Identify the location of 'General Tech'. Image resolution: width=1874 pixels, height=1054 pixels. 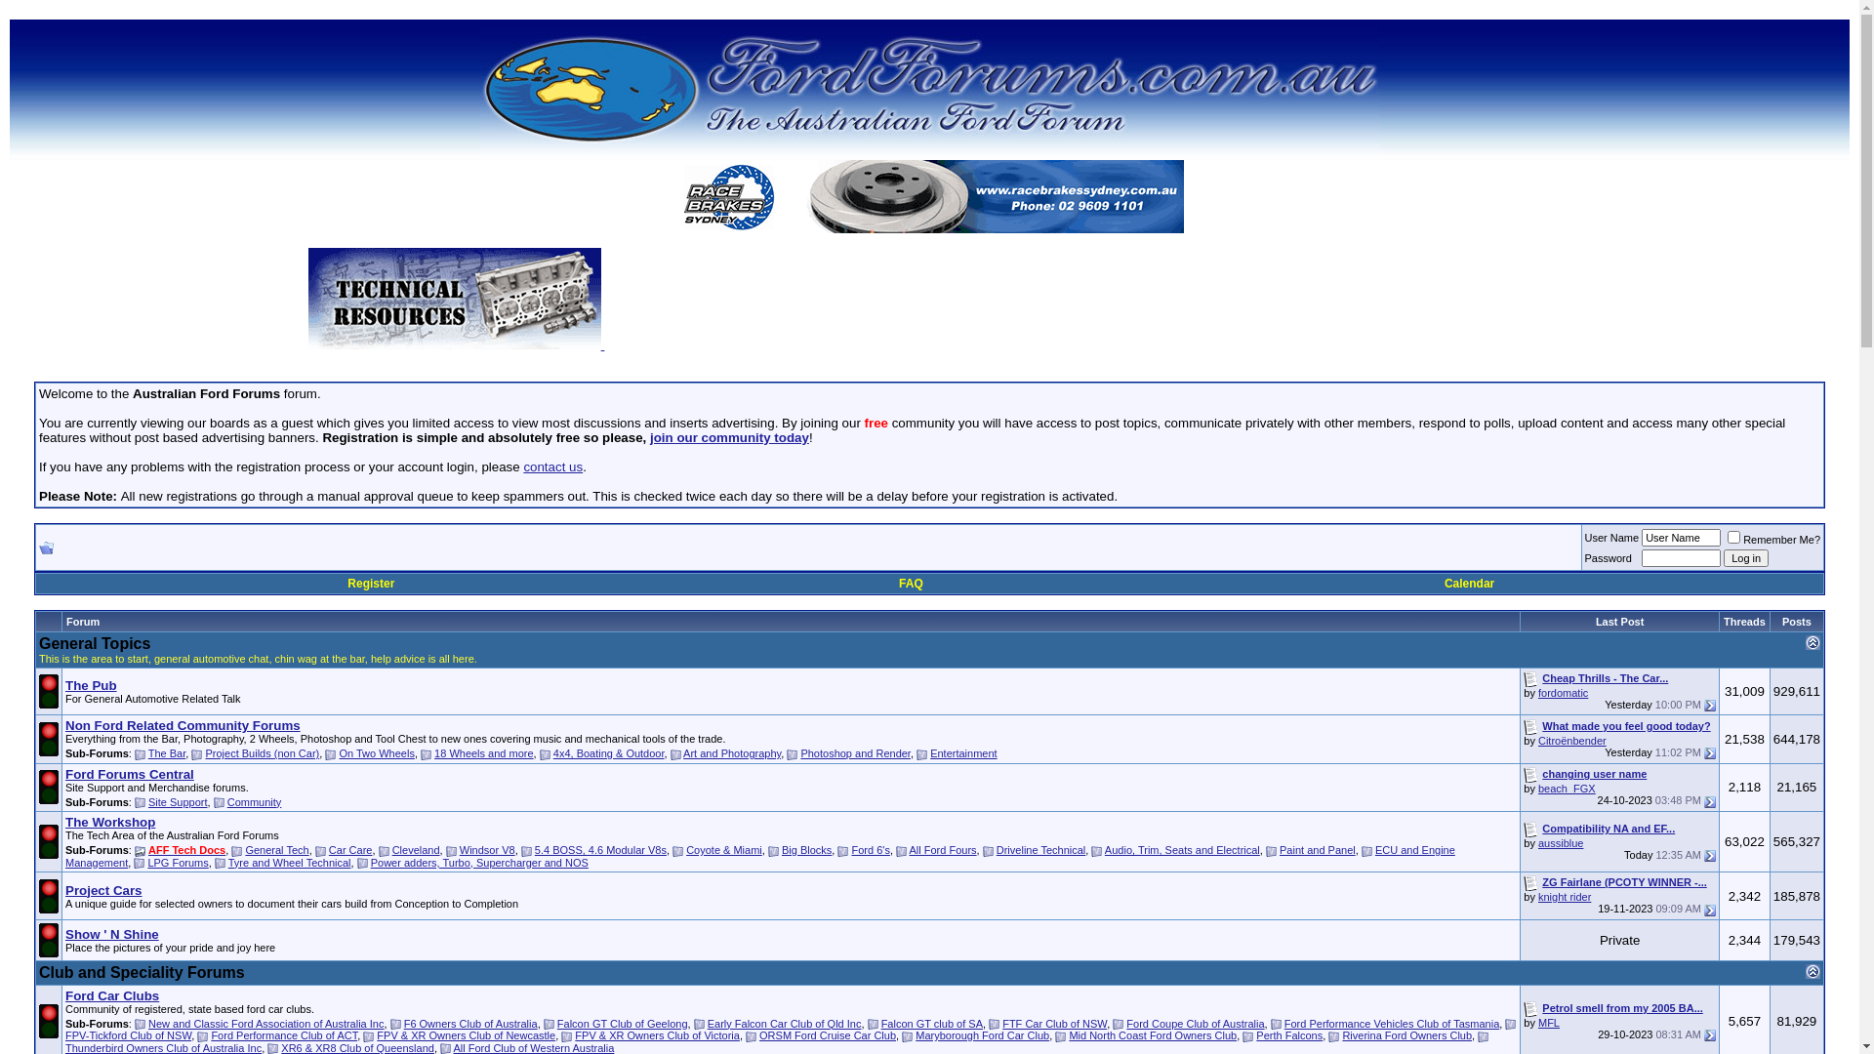
(275, 849).